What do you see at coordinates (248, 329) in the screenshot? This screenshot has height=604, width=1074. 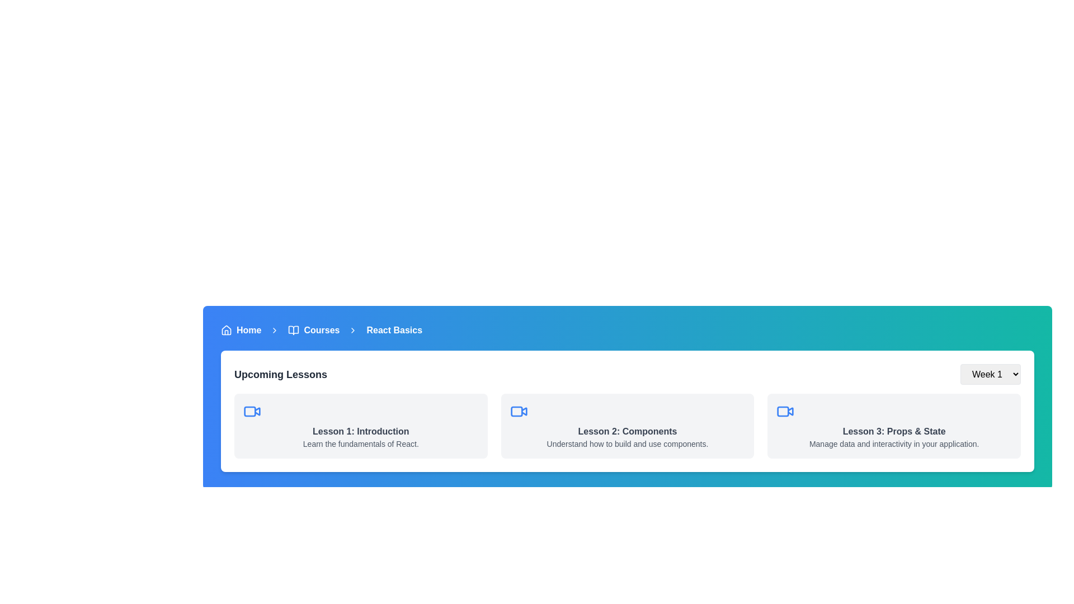 I see `the 'Home' hyperlink, which is a bold text link styled with an underline effect when hovered, located in the top-left region of the navigation interface` at bounding box center [248, 329].